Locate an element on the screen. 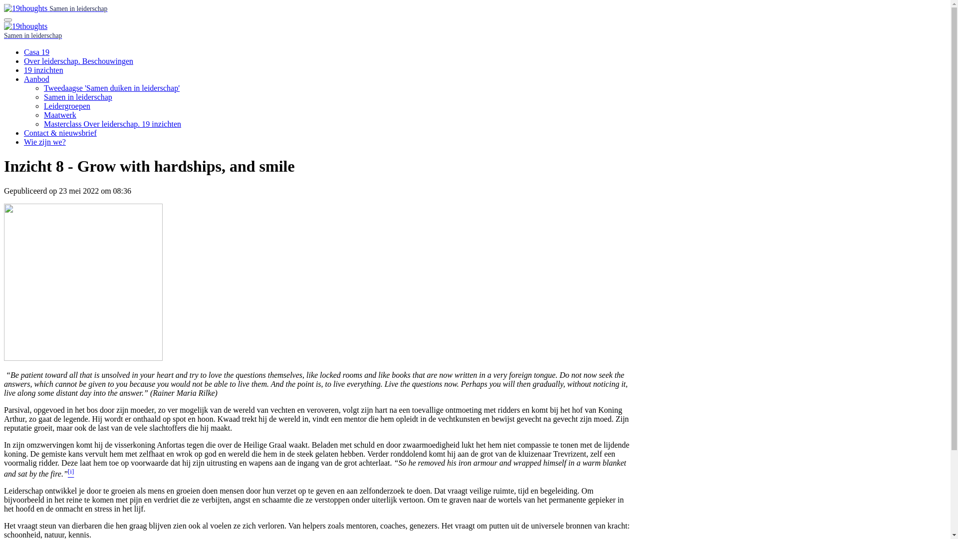 The height and width of the screenshot is (539, 958). 'Masterclass Over leiderschap. 19 inzichten' is located at coordinates (43, 123).